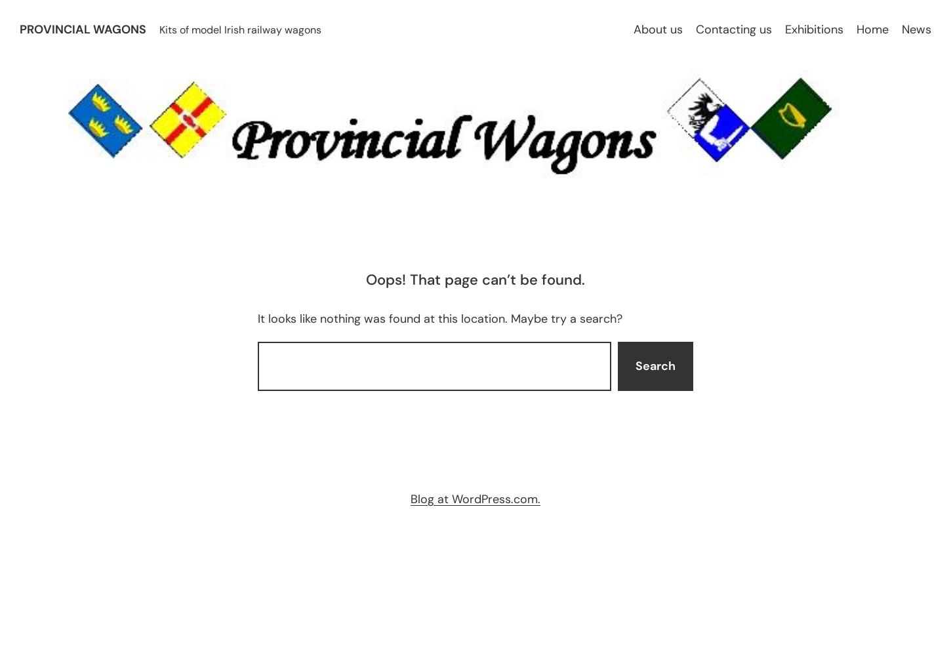  Describe the element at coordinates (475, 279) in the screenshot. I see `'Oops! That page can’t be found.'` at that location.